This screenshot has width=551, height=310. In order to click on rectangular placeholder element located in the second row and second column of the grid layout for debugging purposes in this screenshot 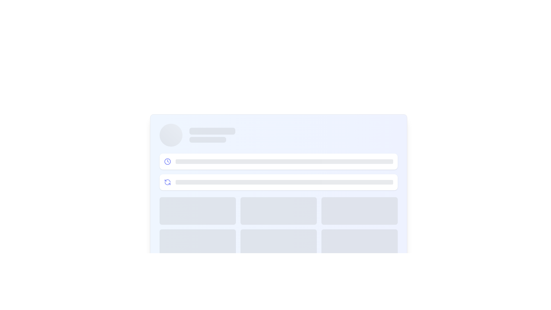, I will do `click(278, 243)`.